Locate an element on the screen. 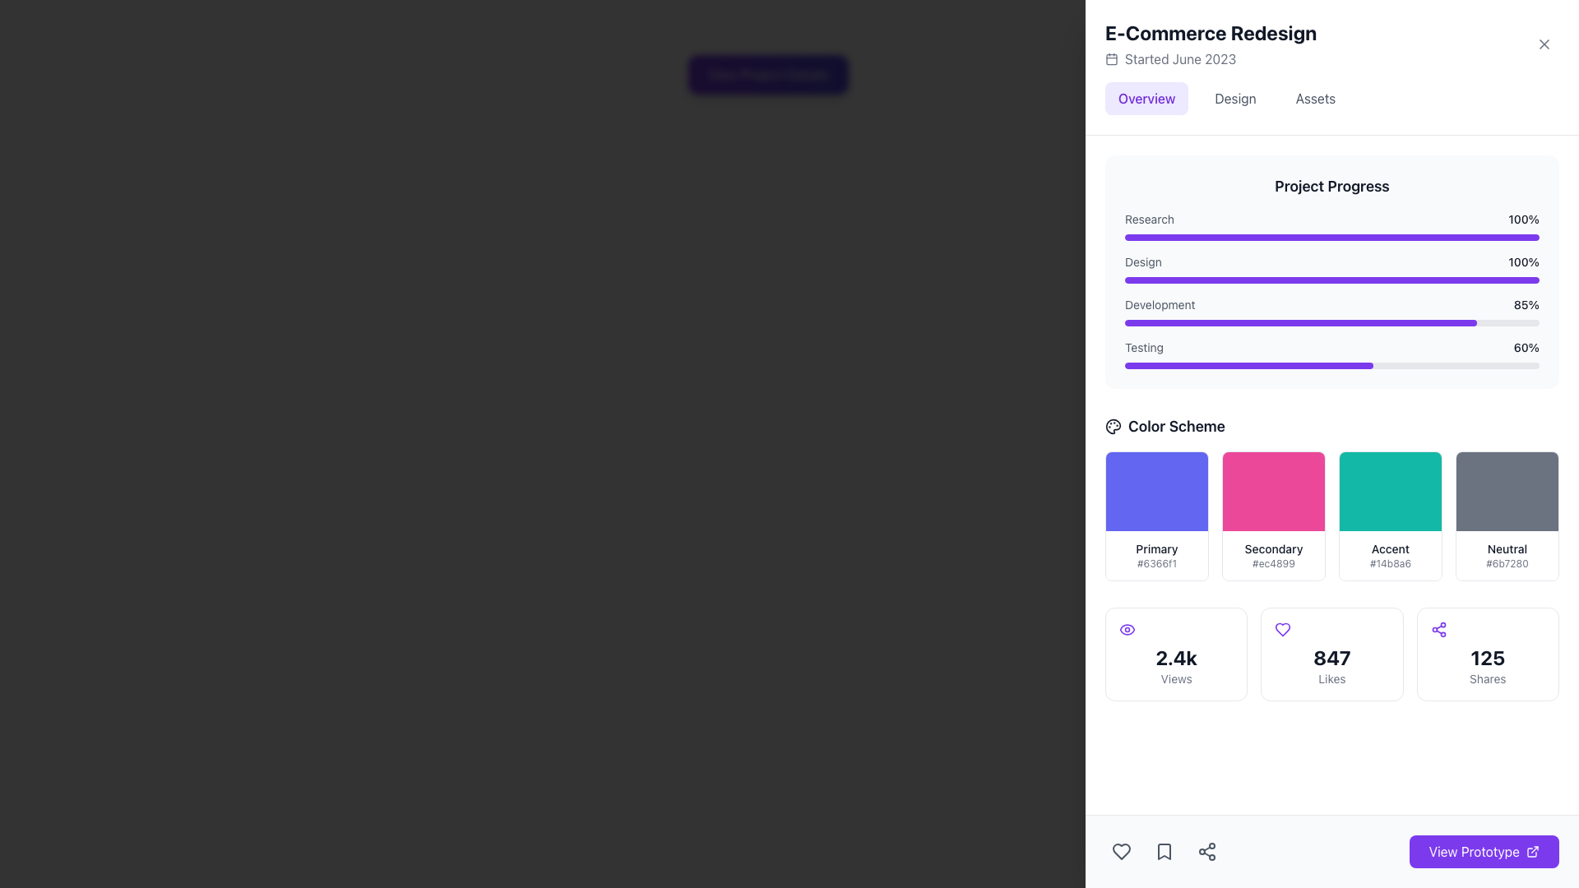 The image size is (1579, 888). the static text label in the 'Project Progress' section, which describes a specific category and is located to the left of a progress bar labeled '60%' is located at coordinates (1143, 347).